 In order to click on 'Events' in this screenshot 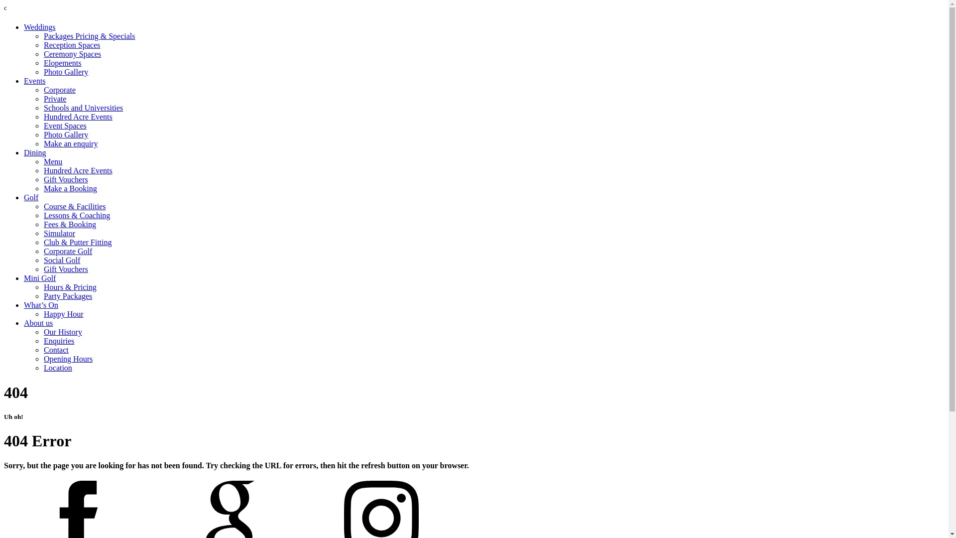, I will do `click(24, 80)`.